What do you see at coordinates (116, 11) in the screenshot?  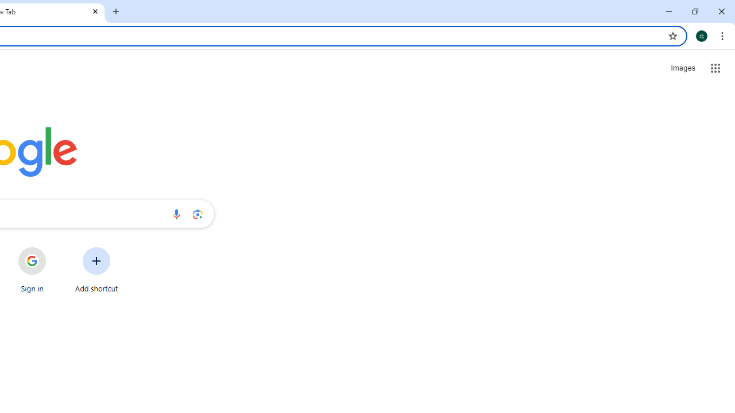 I see `'New Tab'` at bounding box center [116, 11].